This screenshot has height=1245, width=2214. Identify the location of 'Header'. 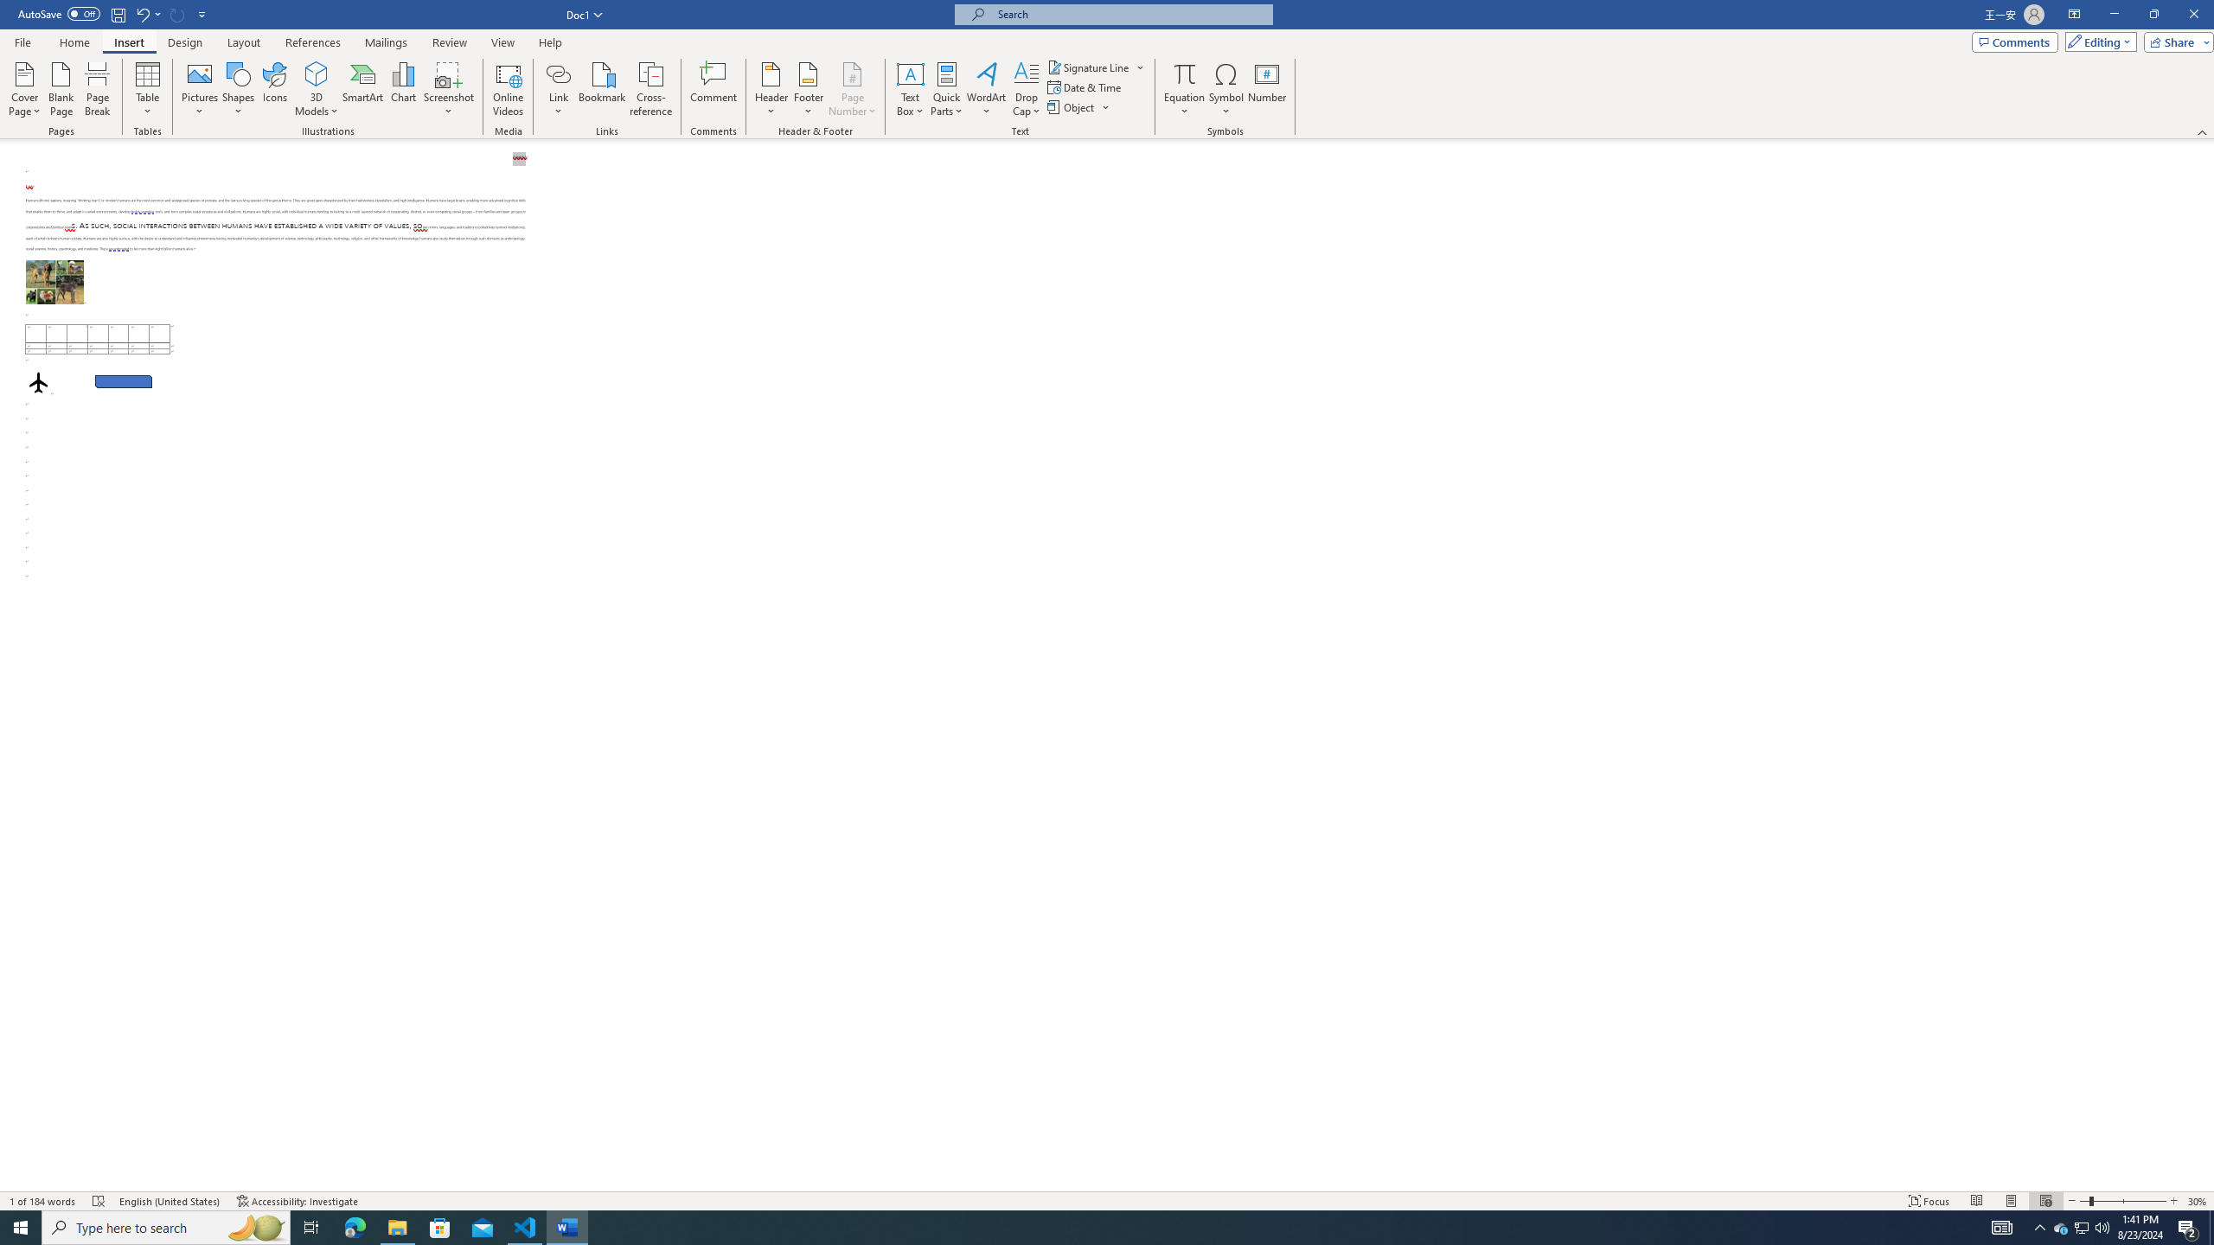
(771, 89).